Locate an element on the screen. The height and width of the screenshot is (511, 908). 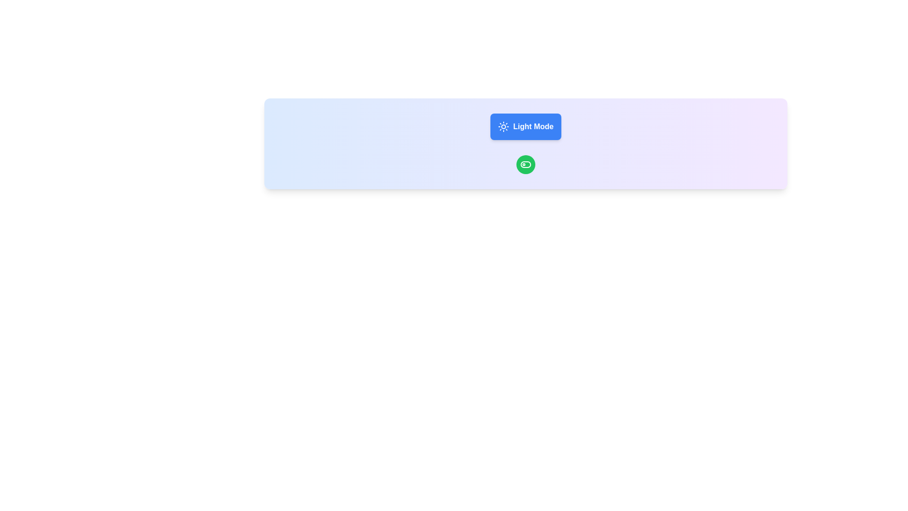
the toggle button located centrally within the bottom section of the highlighted card under the 'Light Mode' label to potentially reveal a tooltip is located at coordinates (525, 164).